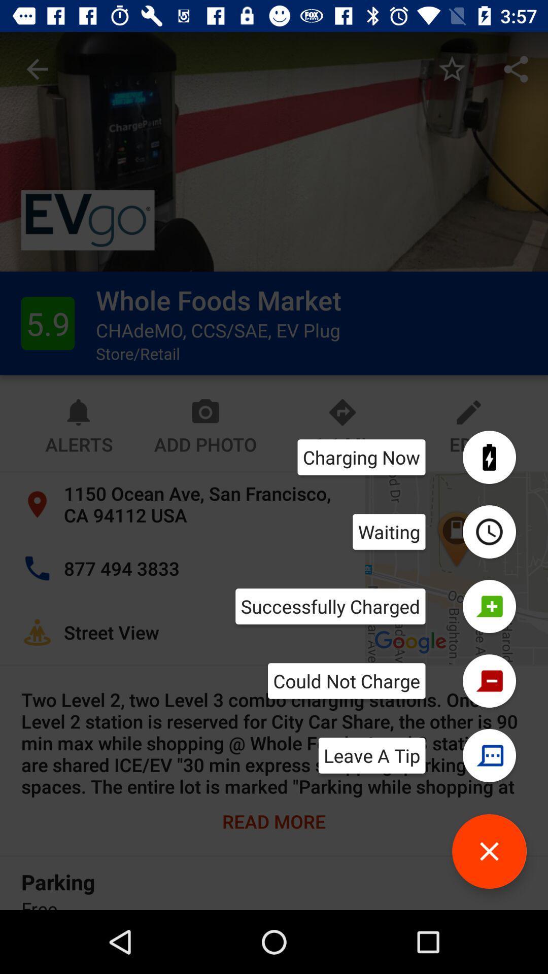  Describe the element at coordinates (489, 851) in the screenshot. I see `button` at that location.